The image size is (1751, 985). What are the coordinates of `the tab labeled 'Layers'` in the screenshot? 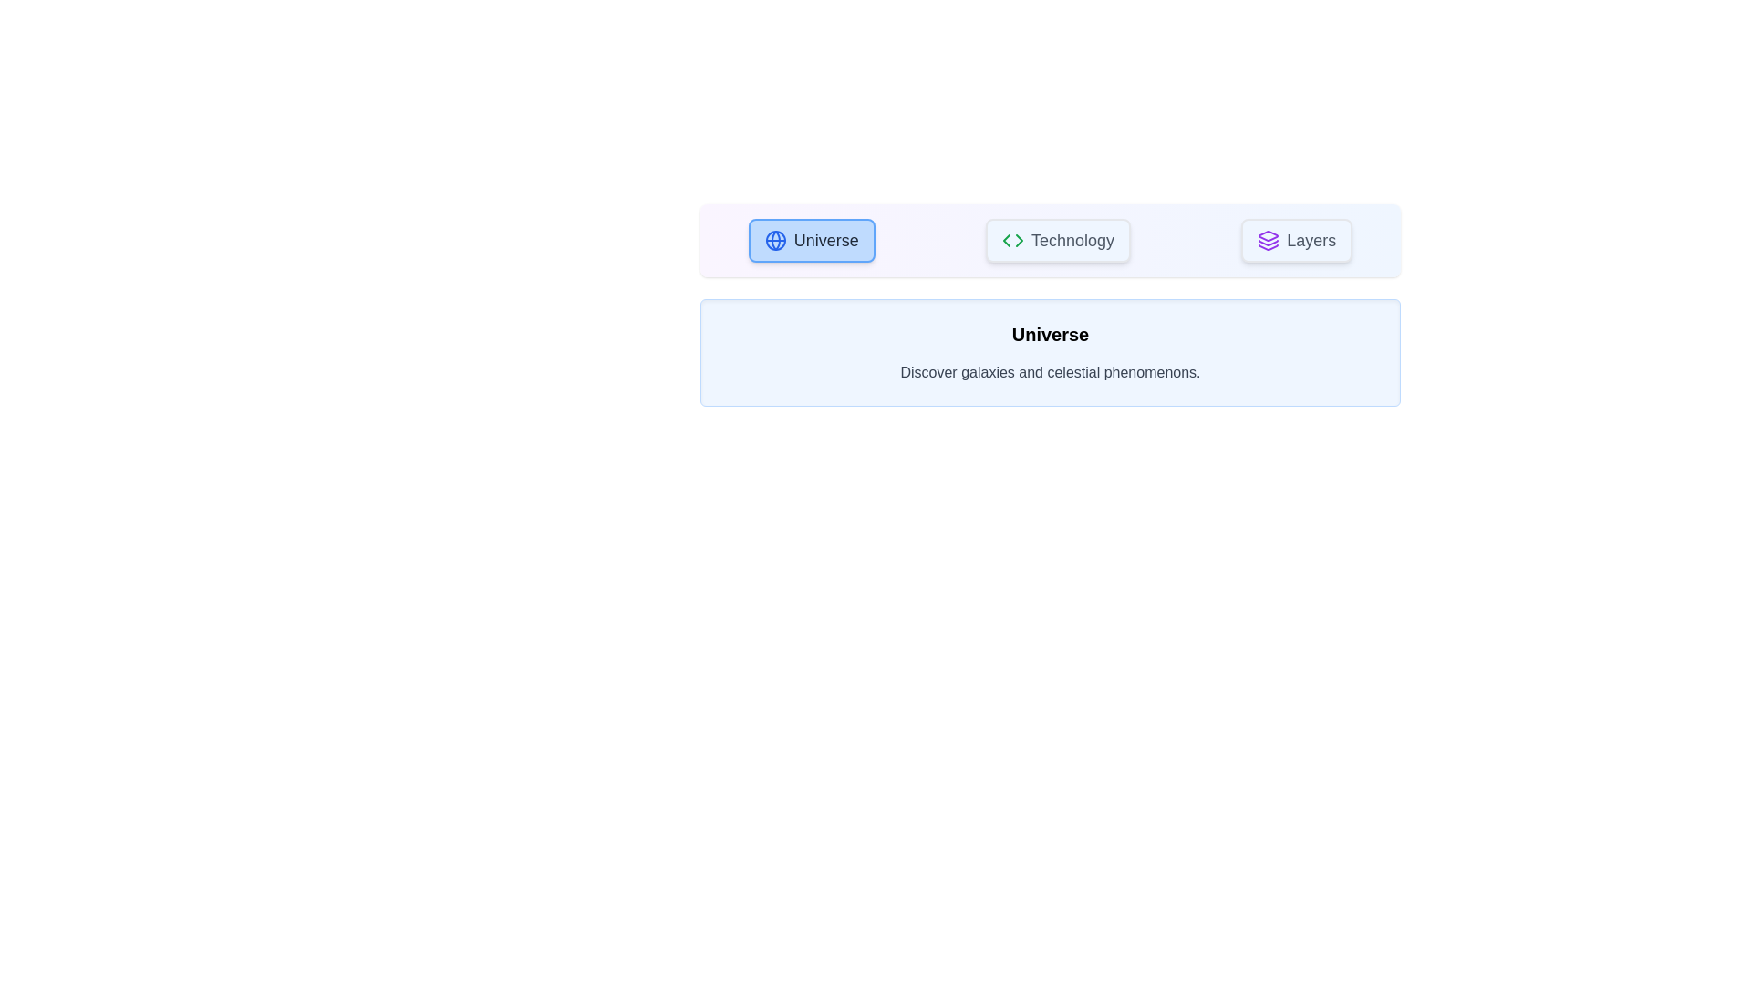 It's located at (1296, 239).